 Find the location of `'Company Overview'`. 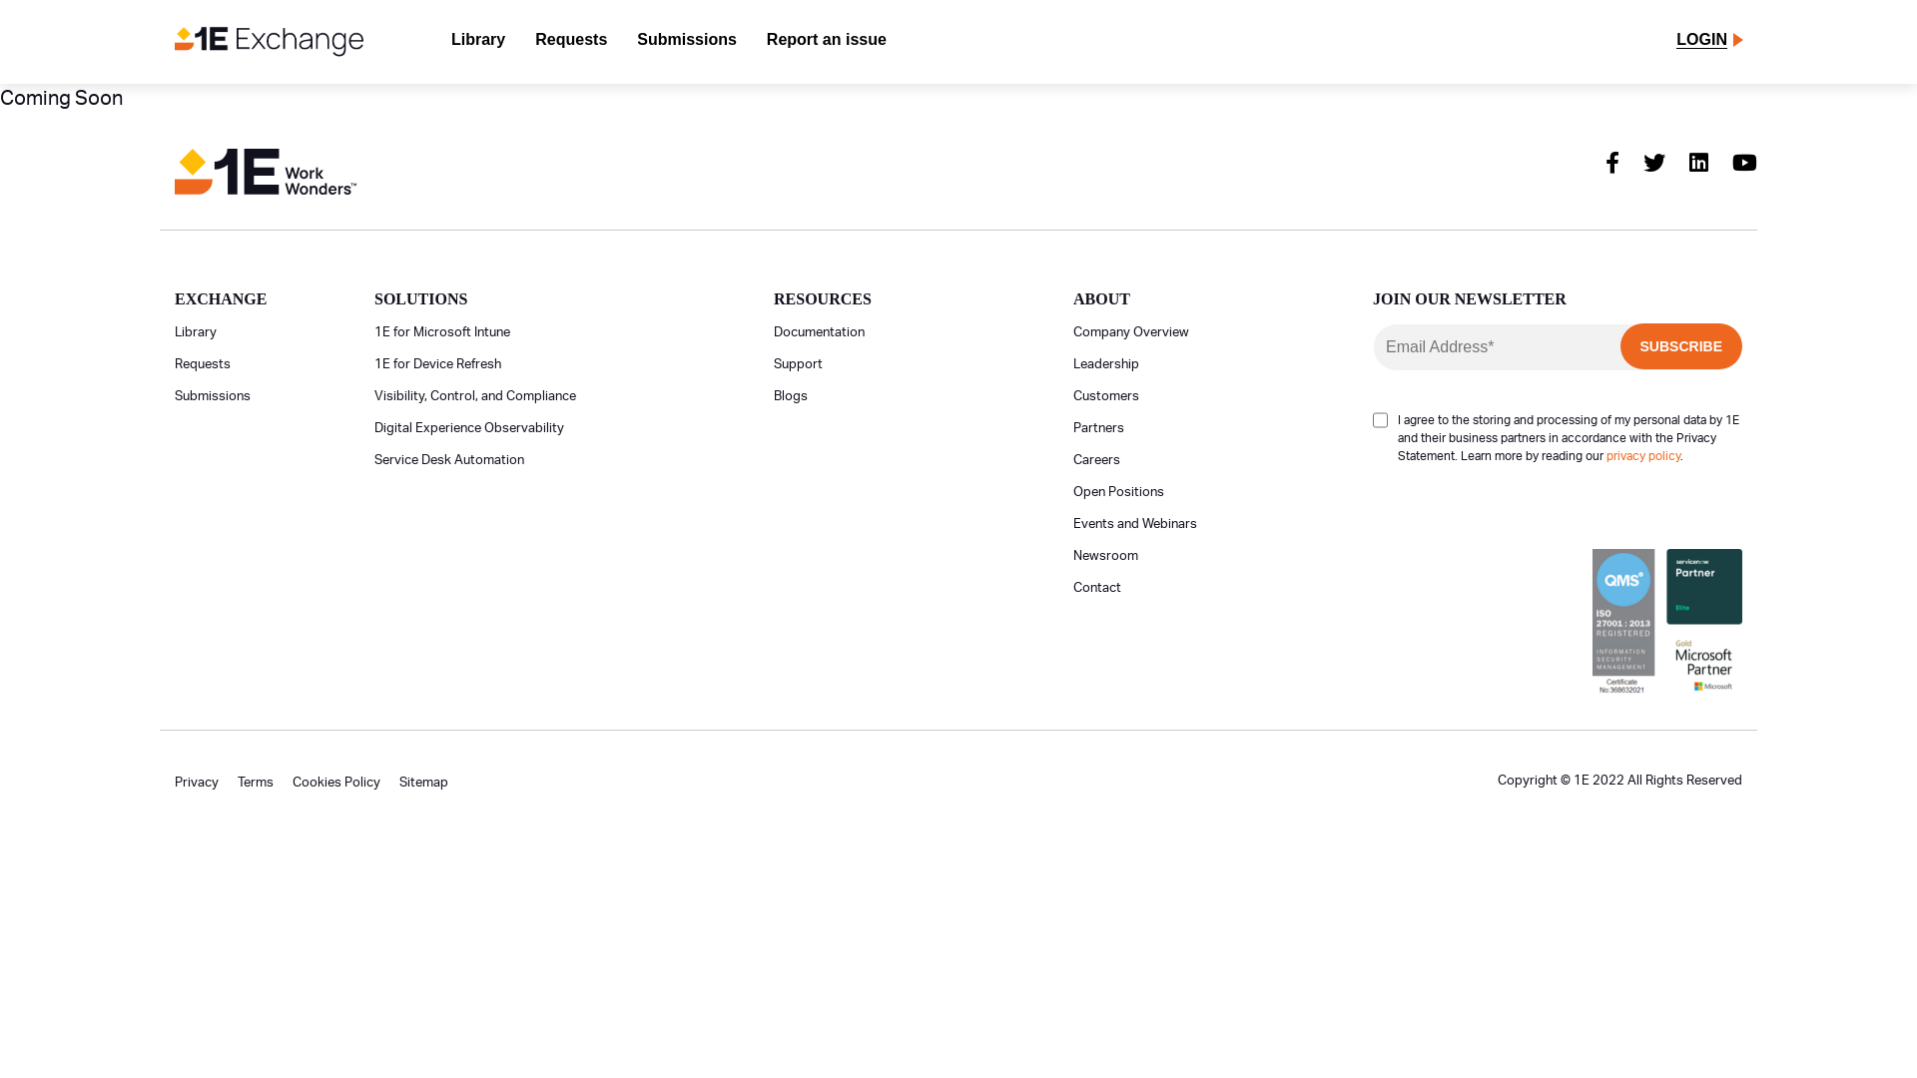

'Company Overview' is located at coordinates (1130, 331).